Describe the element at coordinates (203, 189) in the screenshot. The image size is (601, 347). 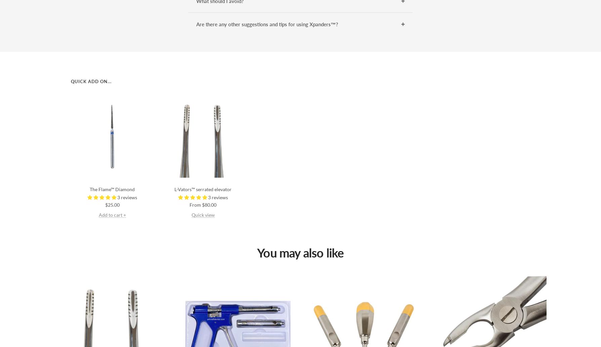
I see `'L-Vators™ serrated elevator'` at that location.